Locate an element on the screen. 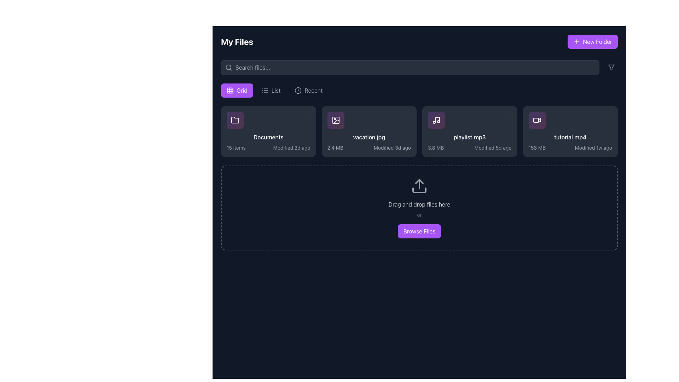  the rounded rectangular shape inside the 'tutorial.mp4' file representation in the top-right area of the file grid is located at coordinates (536, 120).